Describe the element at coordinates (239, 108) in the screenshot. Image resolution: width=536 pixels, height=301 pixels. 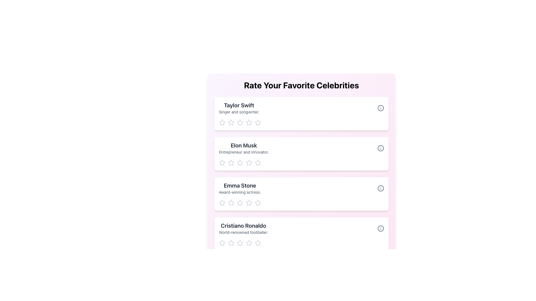
I see `the text block displaying 'Taylor Swift' and 'Singer and songwriter', which is the first profile entry in a list of profiles` at that location.